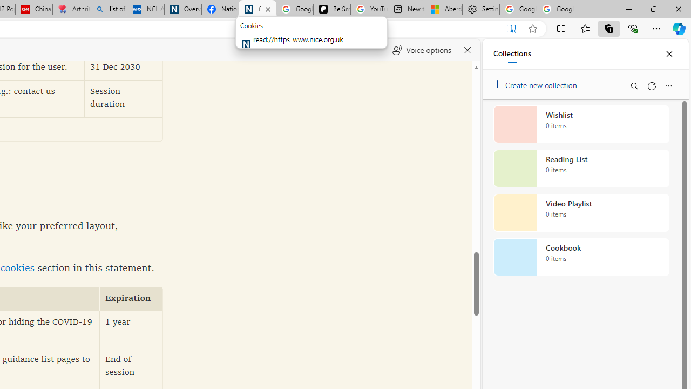 The height and width of the screenshot is (389, 691). What do you see at coordinates (581, 213) in the screenshot?
I see `'Video Playlist collection, 0 items'` at bounding box center [581, 213].